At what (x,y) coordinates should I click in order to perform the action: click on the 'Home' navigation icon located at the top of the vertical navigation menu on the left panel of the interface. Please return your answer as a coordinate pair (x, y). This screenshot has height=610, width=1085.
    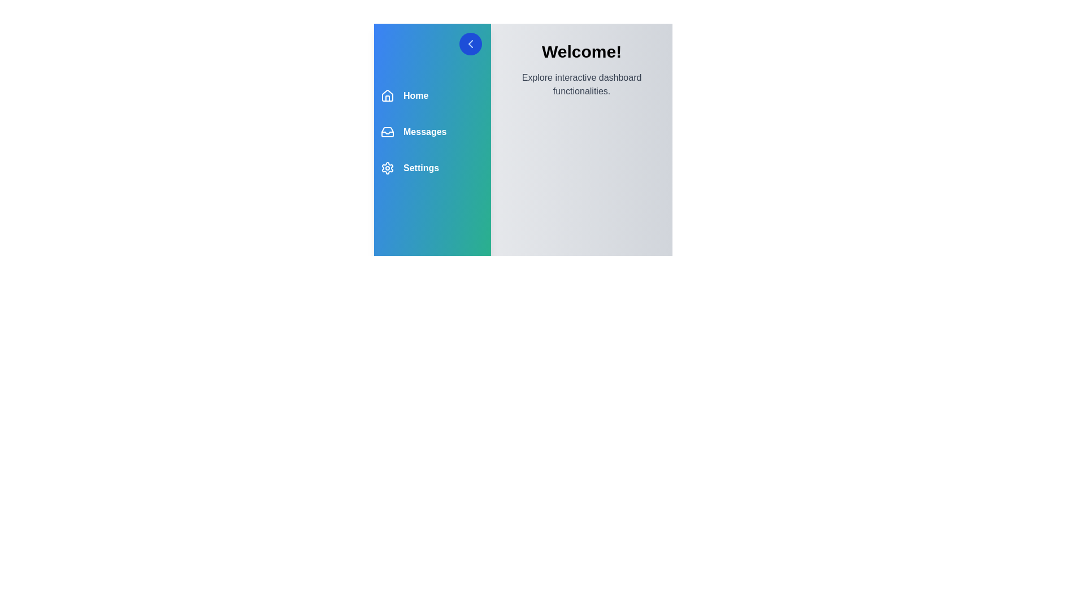
    Looking at the image, I should click on (388, 95).